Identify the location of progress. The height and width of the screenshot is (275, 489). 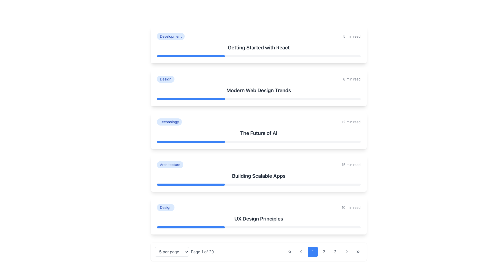
(183, 99).